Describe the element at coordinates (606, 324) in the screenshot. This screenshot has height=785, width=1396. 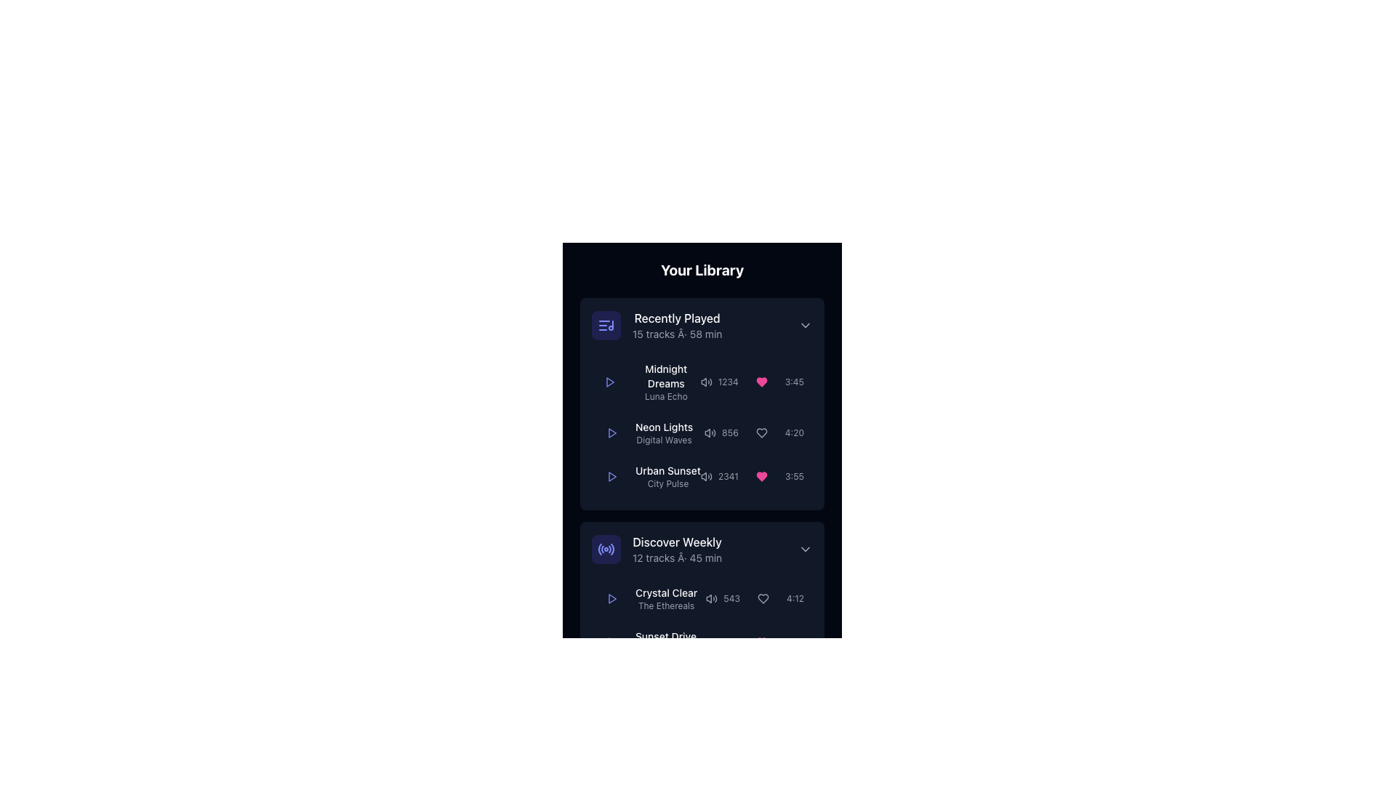
I see `the circular icon button with a dark blue background and a music playlist icon, located at the top-left corner of the 'Recently Played' section` at that location.